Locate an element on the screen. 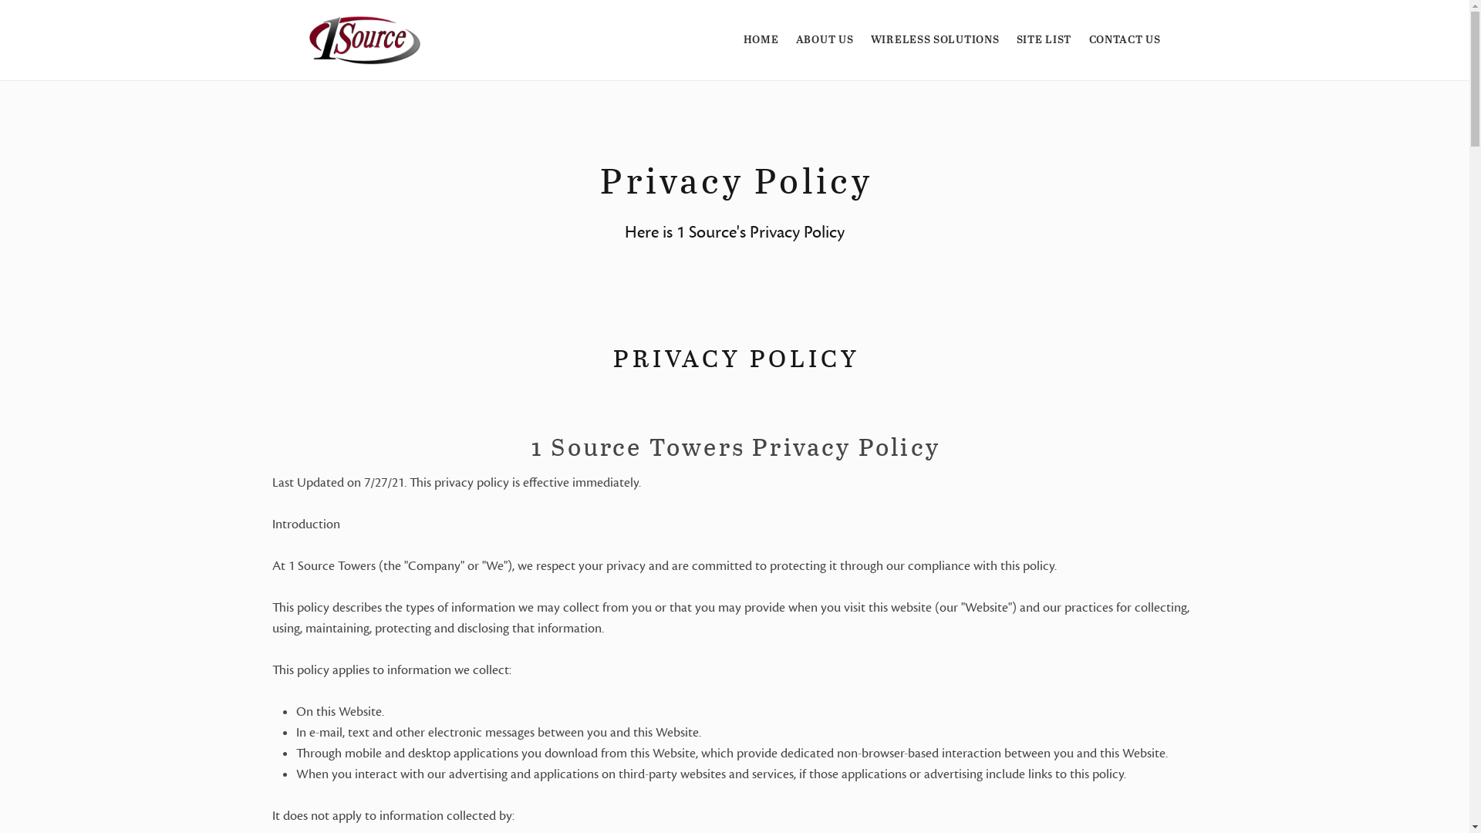 This screenshot has height=833, width=1481. '1 Source Towers' is located at coordinates (363, 39).